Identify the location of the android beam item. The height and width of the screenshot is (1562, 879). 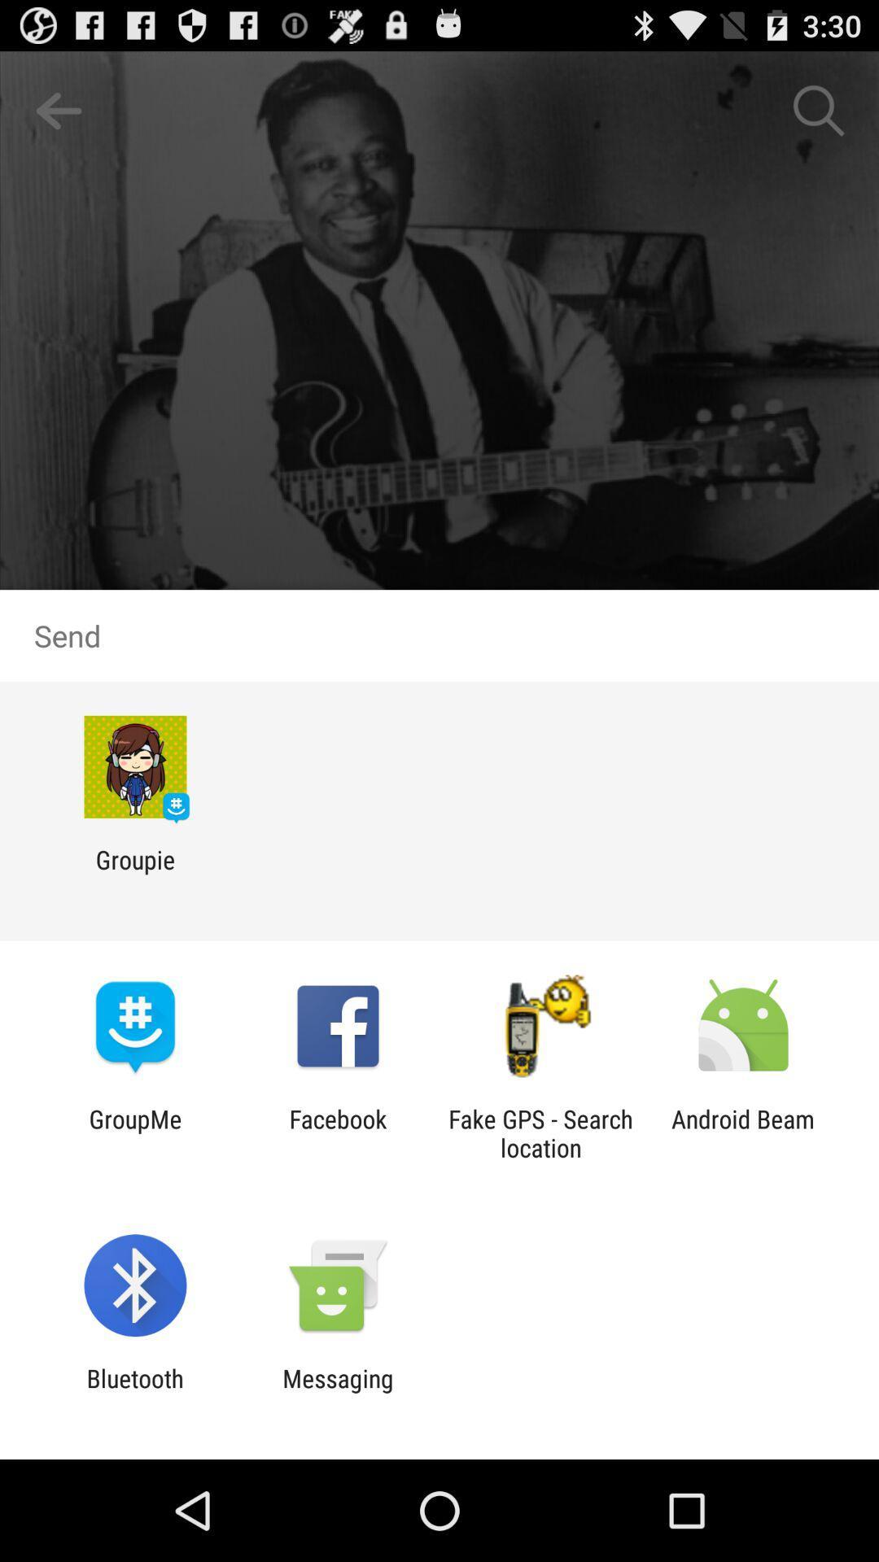
(743, 1132).